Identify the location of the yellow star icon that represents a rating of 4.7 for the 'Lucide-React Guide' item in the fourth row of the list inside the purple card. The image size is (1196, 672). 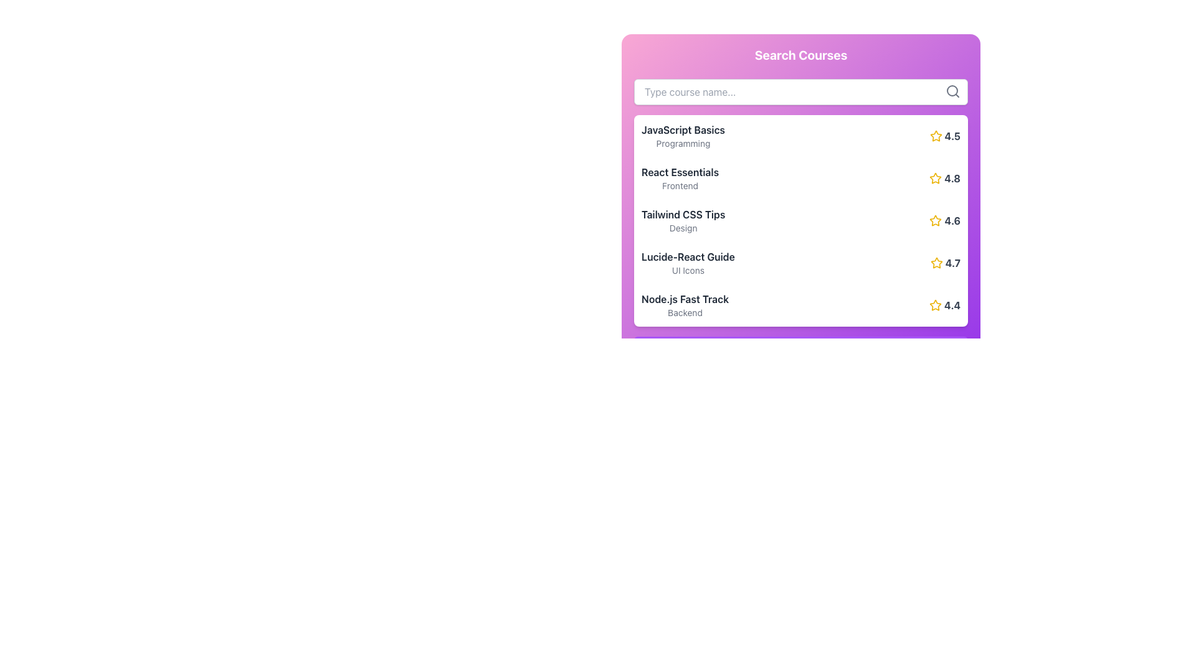
(936, 263).